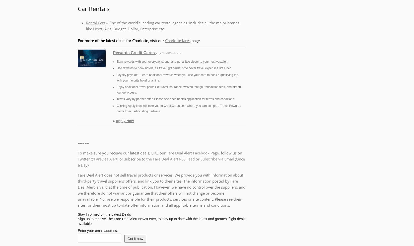 Image resolution: width=414 pixels, height=246 pixels. Describe the element at coordinates (177, 40) in the screenshot. I see `'Charlotte fares'` at that location.